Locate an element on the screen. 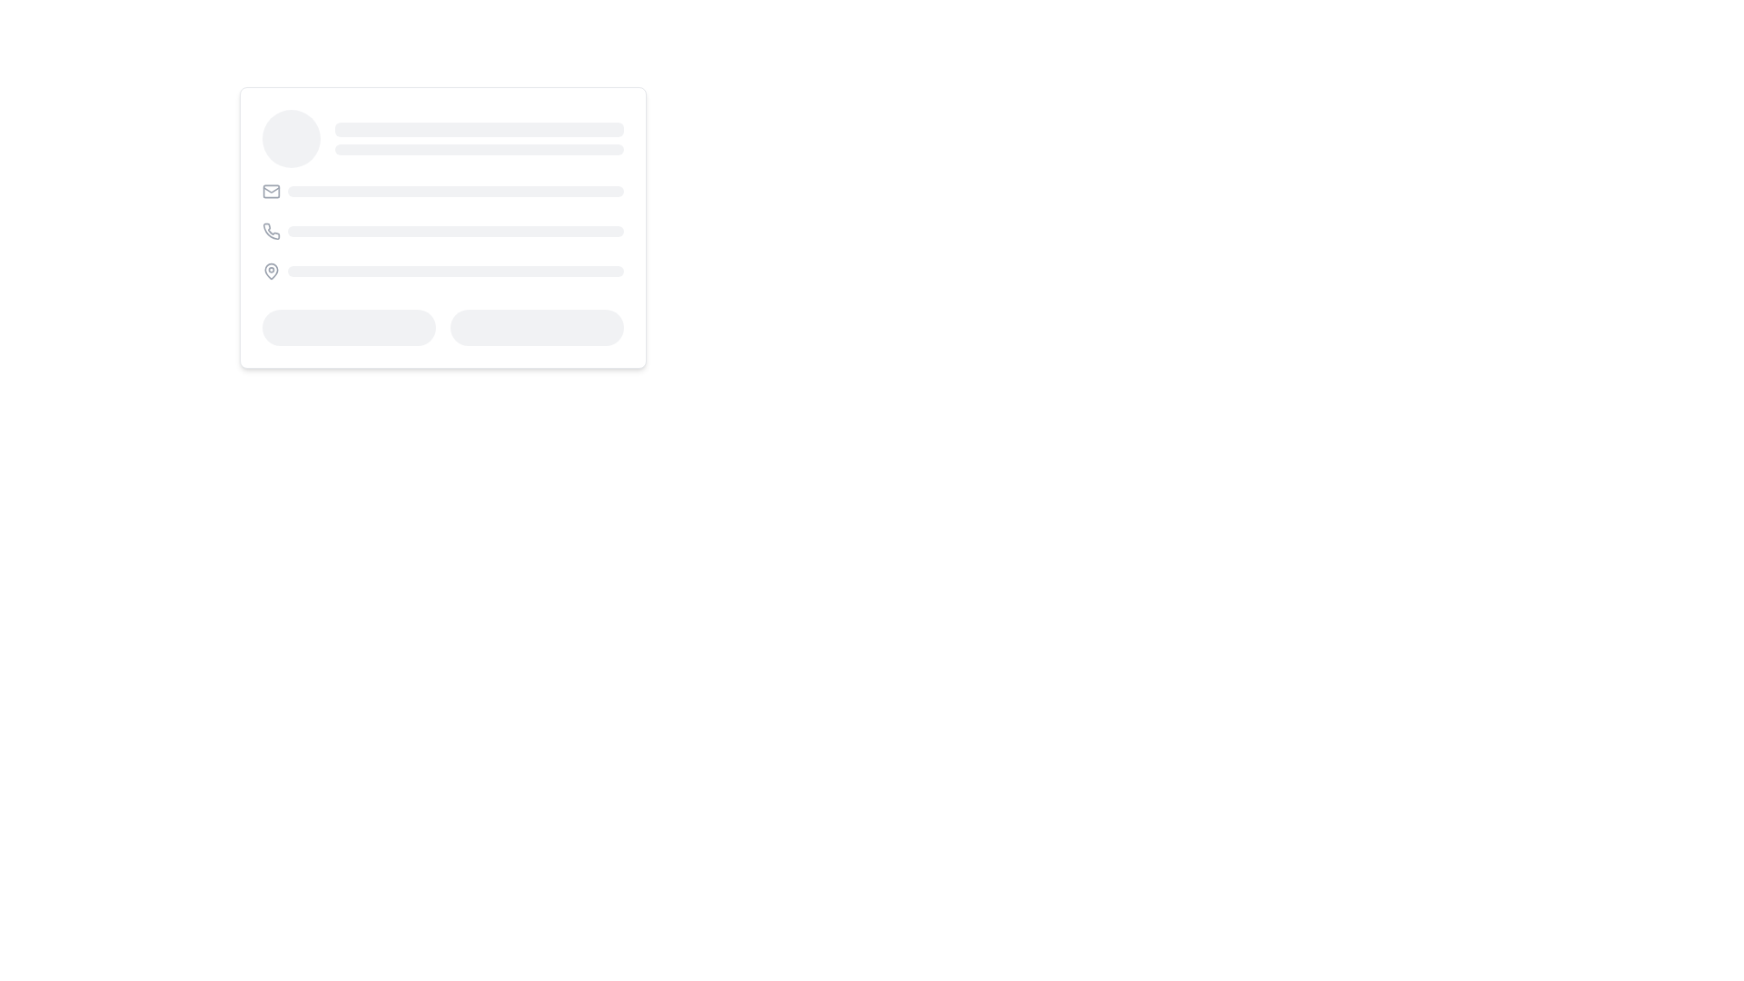 This screenshot has width=1744, height=981. the vertical list of skeleton placeholder rows that indicate loading states for textual content, positioned centrally within the card layout is located at coordinates (443, 230).